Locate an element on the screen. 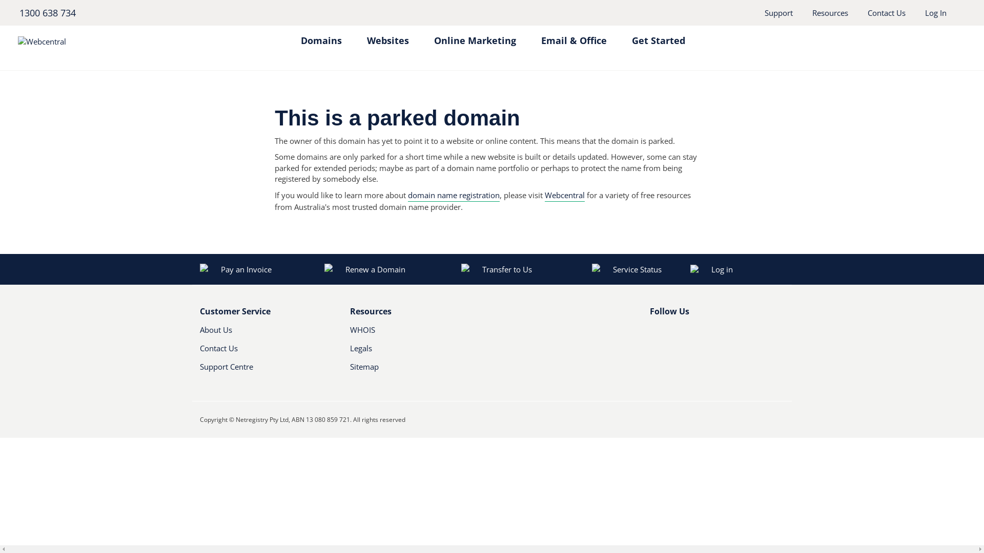 The width and height of the screenshot is (984, 553). 'Renew a Domain' is located at coordinates (365, 268).